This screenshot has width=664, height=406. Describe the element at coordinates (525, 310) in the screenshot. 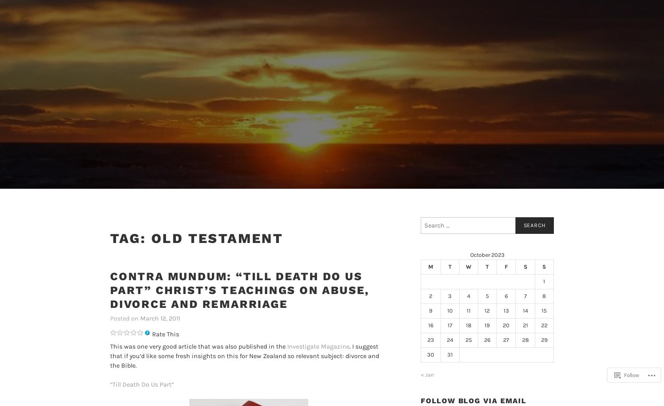

I see `'14'` at that location.